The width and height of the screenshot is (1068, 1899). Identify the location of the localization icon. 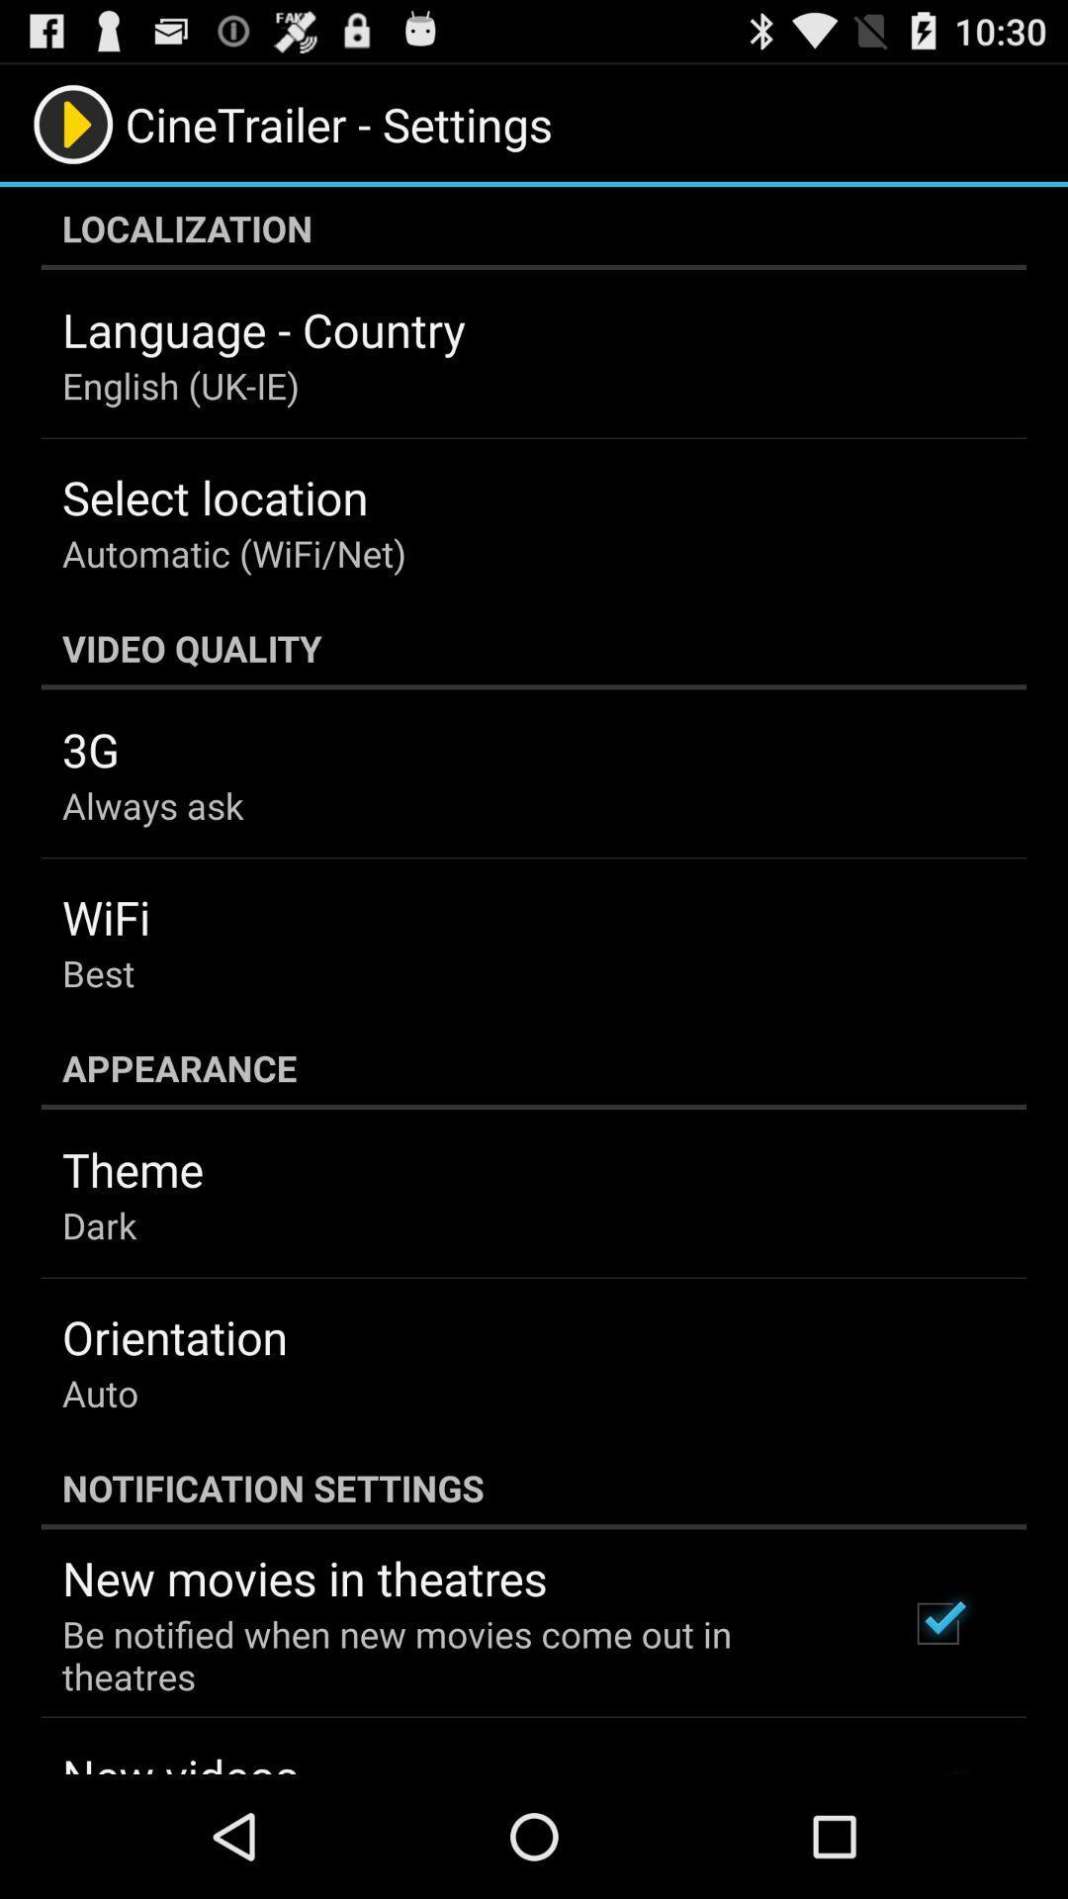
(534, 227).